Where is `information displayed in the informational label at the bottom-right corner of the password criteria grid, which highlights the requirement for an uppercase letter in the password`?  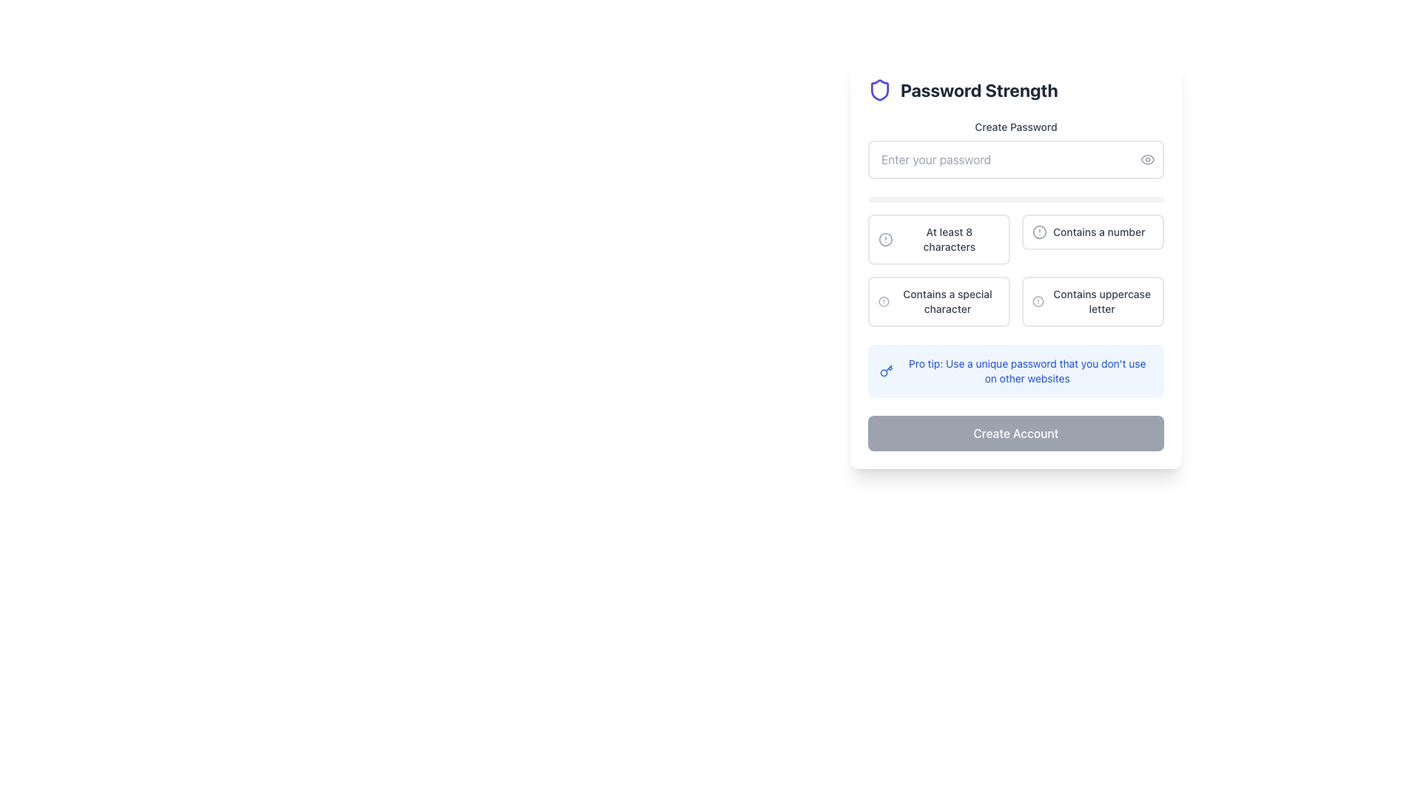
information displayed in the informational label at the bottom-right corner of the password criteria grid, which highlights the requirement for an uppercase letter in the password is located at coordinates (1093, 301).